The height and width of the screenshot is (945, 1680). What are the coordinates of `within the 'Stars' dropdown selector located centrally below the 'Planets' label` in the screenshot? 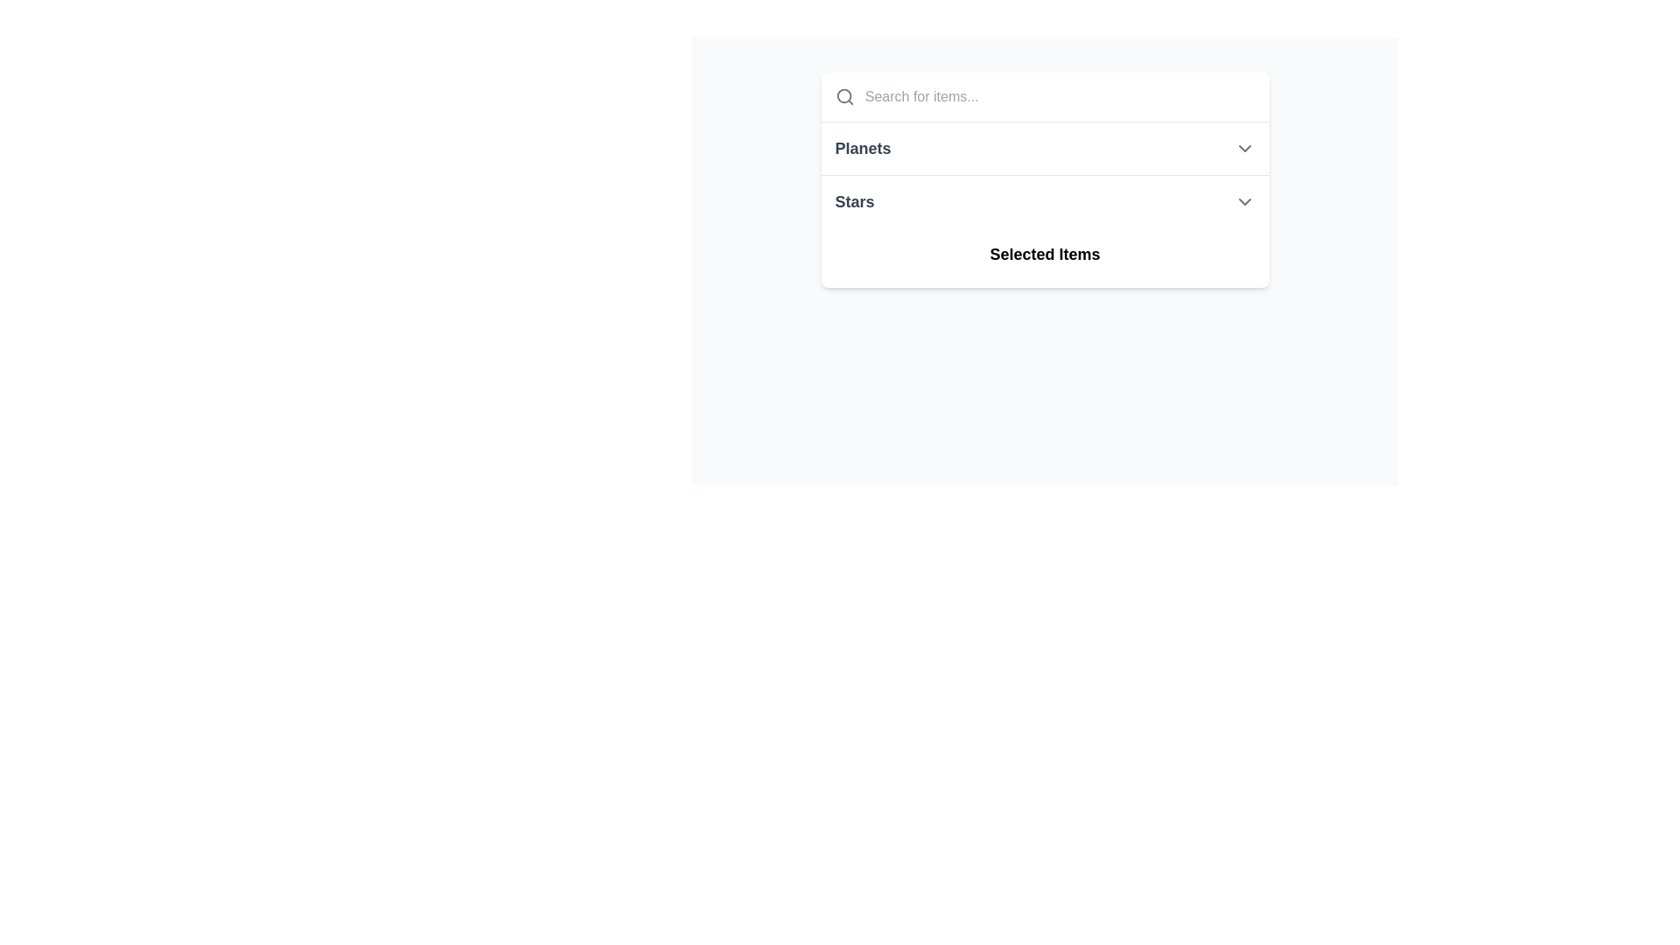 It's located at (1045, 201).